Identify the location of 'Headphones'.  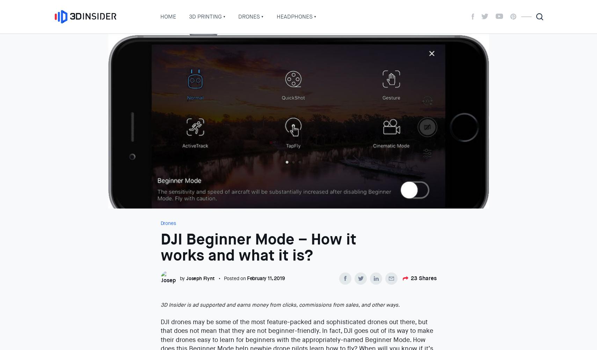
(294, 16).